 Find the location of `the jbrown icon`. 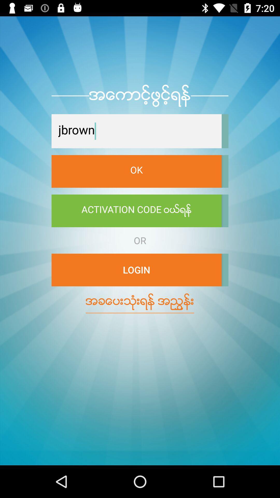

the jbrown icon is located at coordinates (136, 131).